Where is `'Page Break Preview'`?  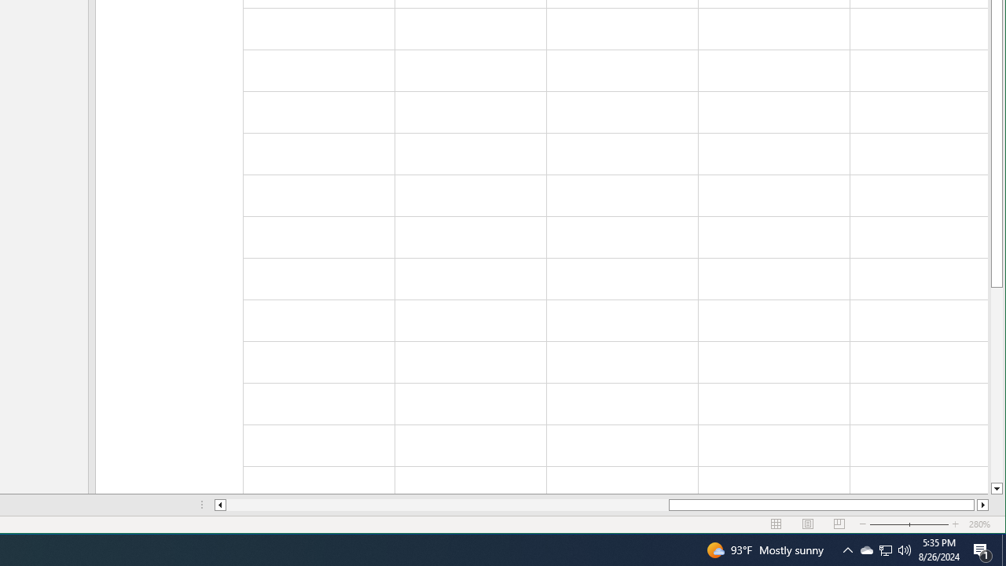 'Page Break Preview' is located at coordinates (839, 524).